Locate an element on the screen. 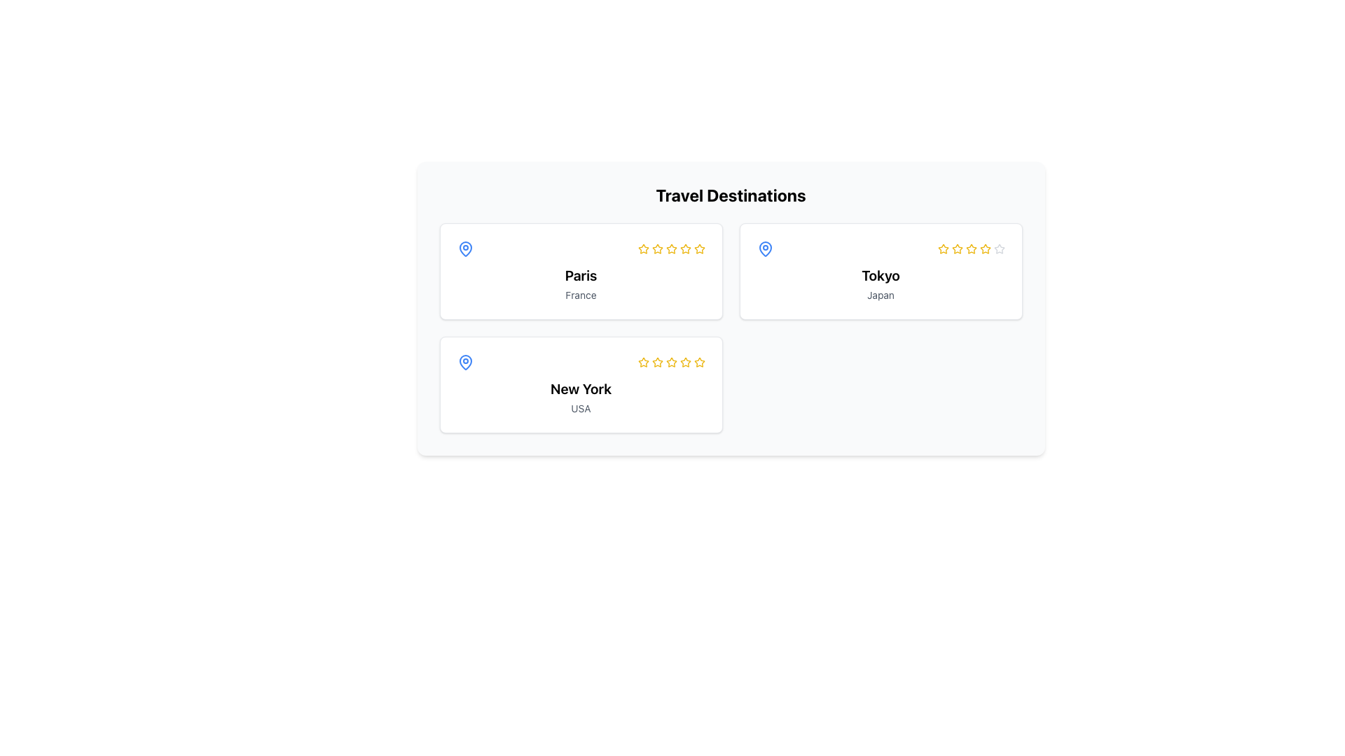 The height and width of the screenshot is (756, 1345). the third star in the five-star rating system to rate it is located at coordinates (970, 248).